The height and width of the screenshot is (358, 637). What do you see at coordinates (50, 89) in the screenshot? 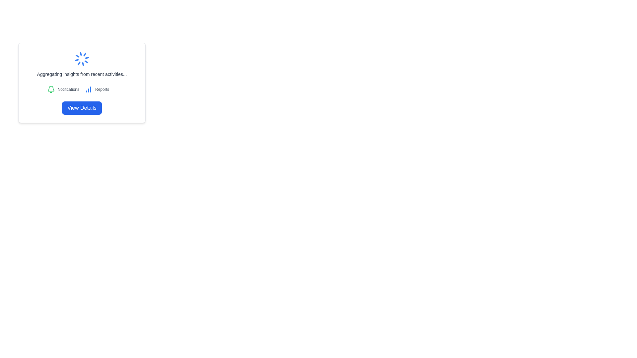
I see `the notifications icon located at the leftmost side of the group labeled 'Notifications'` at bounding box center [50, 89].